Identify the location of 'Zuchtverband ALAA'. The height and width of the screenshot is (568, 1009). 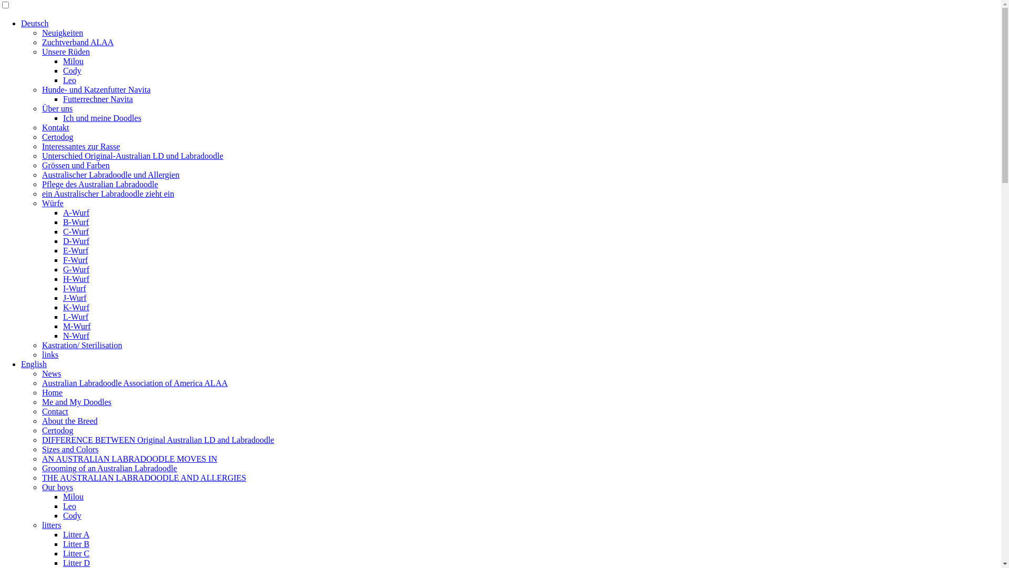
(42, 42).